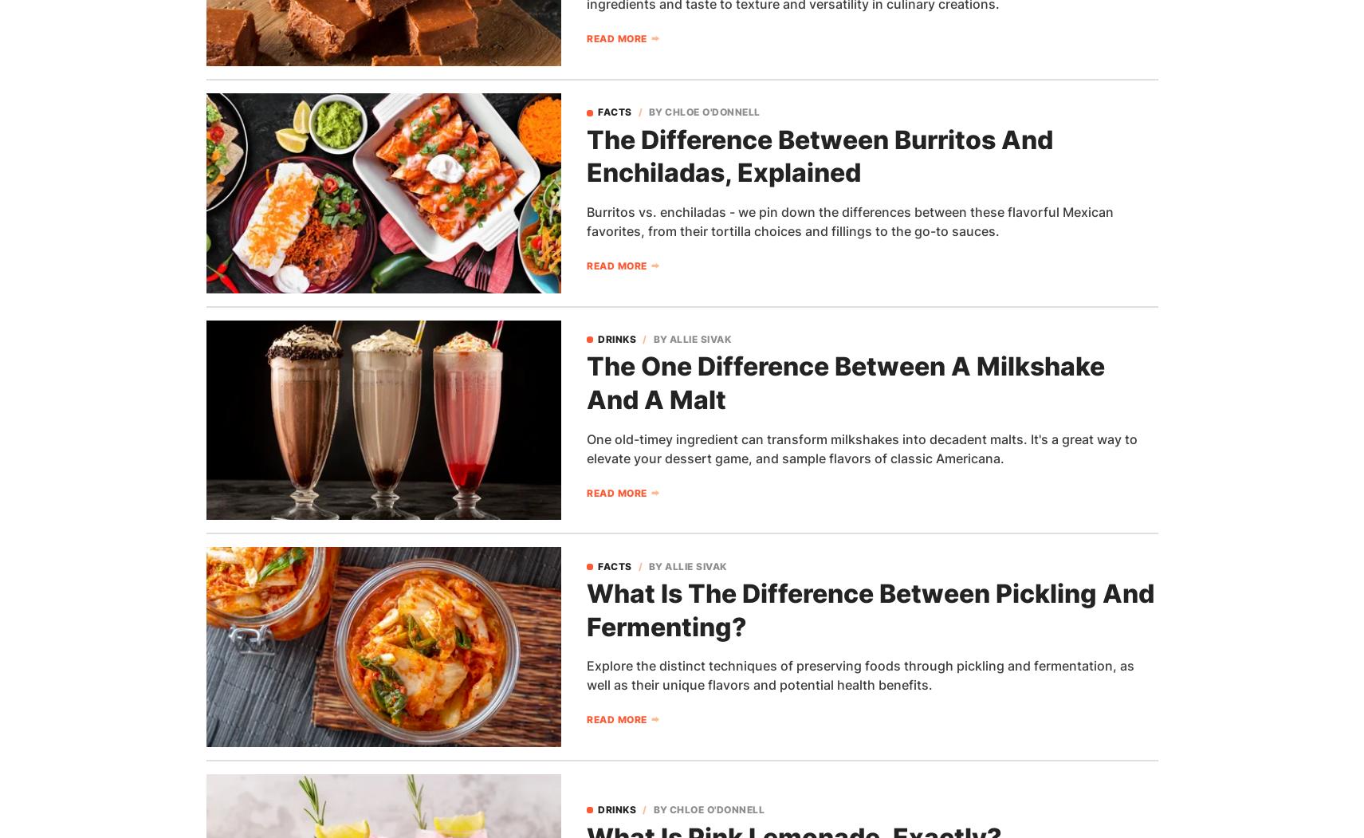  What do you see at coordinates (862, 447) in the screenshot?
I see `'One old-timey ingredient can transform milkshakes into decadent malts. It's a great way to elevate your dessert game, and sample flavors of classic Americana.'` at bounding box center [862, 447].